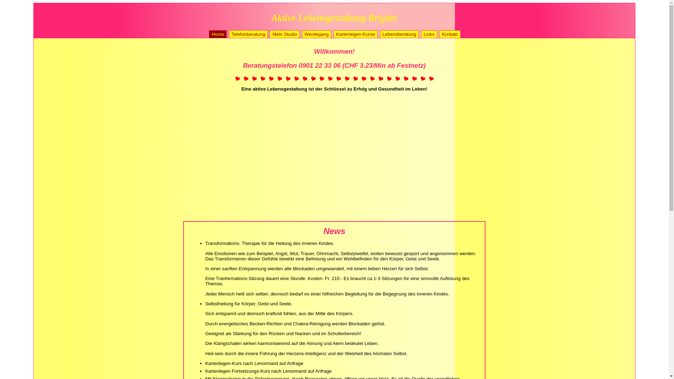 This screenshot has height=379, width=674. I want to click on 'Lebensberatung', so click(399, 34).